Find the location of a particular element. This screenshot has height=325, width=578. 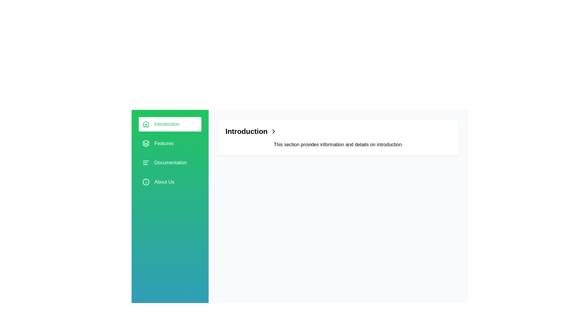

the 'Documentation' menu item in the sidebar, which is the third item featuring a green background with white text and an icon of three horizontal lines is located at coordinates (170, 162).